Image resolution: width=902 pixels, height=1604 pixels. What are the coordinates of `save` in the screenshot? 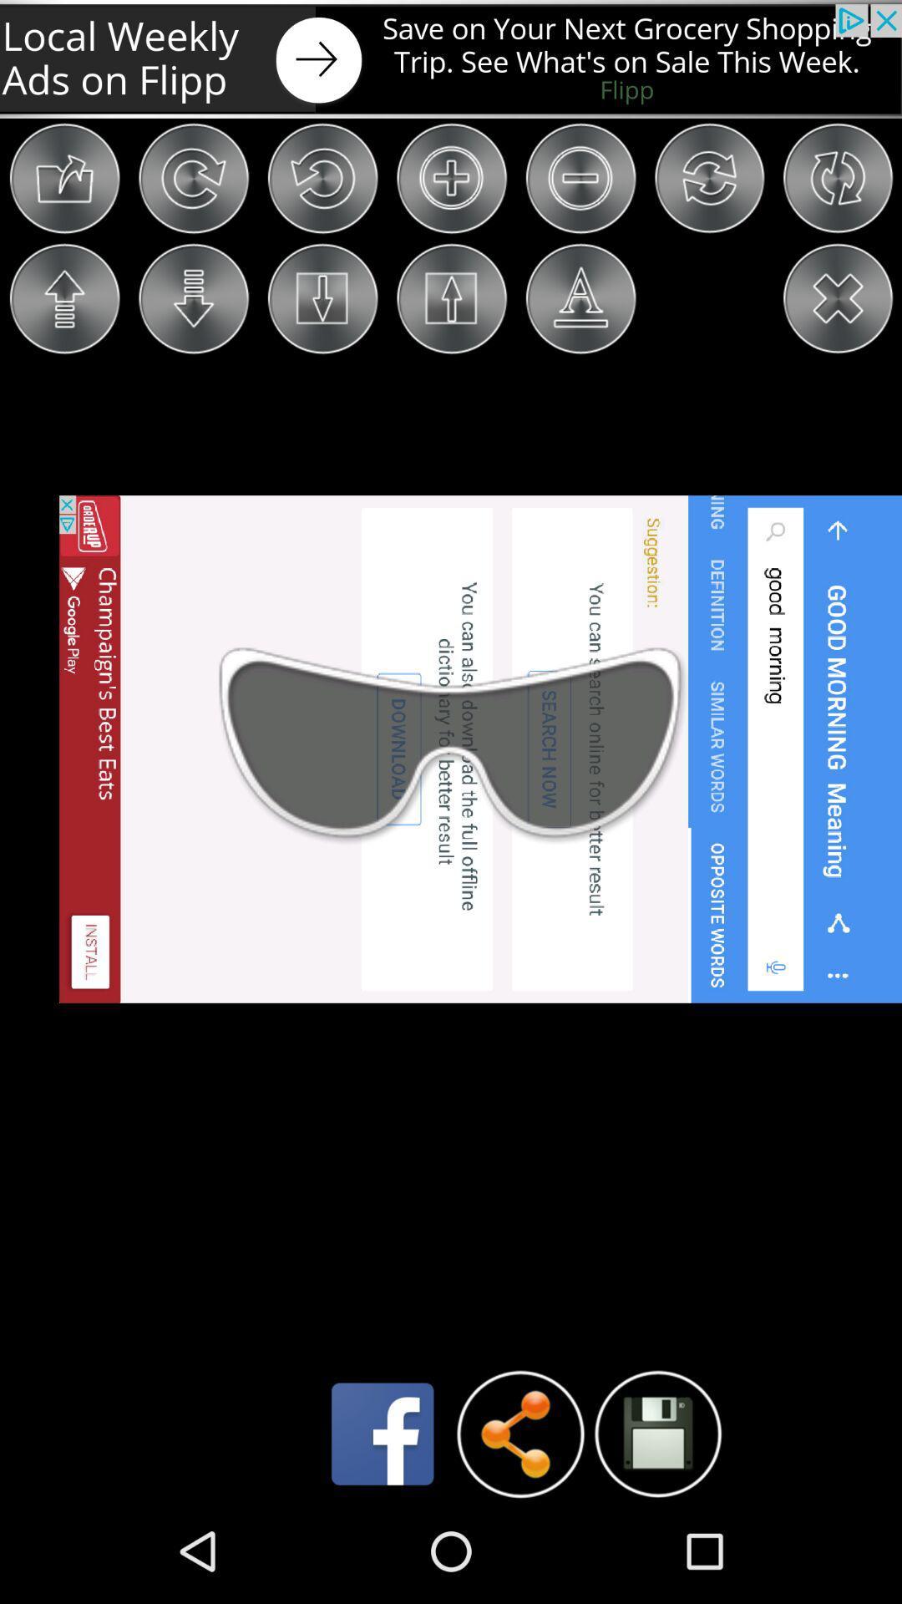 It's located at (656, 1433).